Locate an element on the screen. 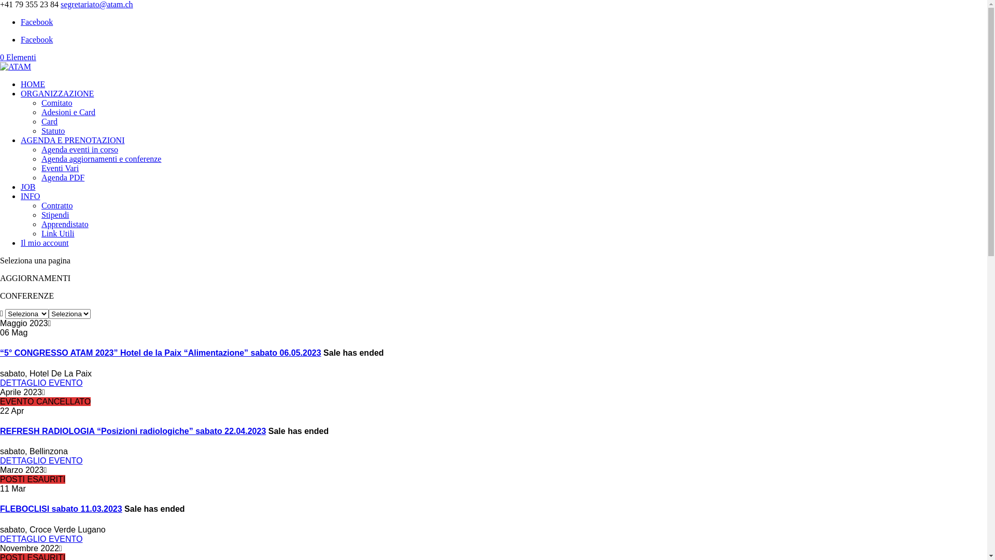  'Statuto' is located at coordinates (52, 130).